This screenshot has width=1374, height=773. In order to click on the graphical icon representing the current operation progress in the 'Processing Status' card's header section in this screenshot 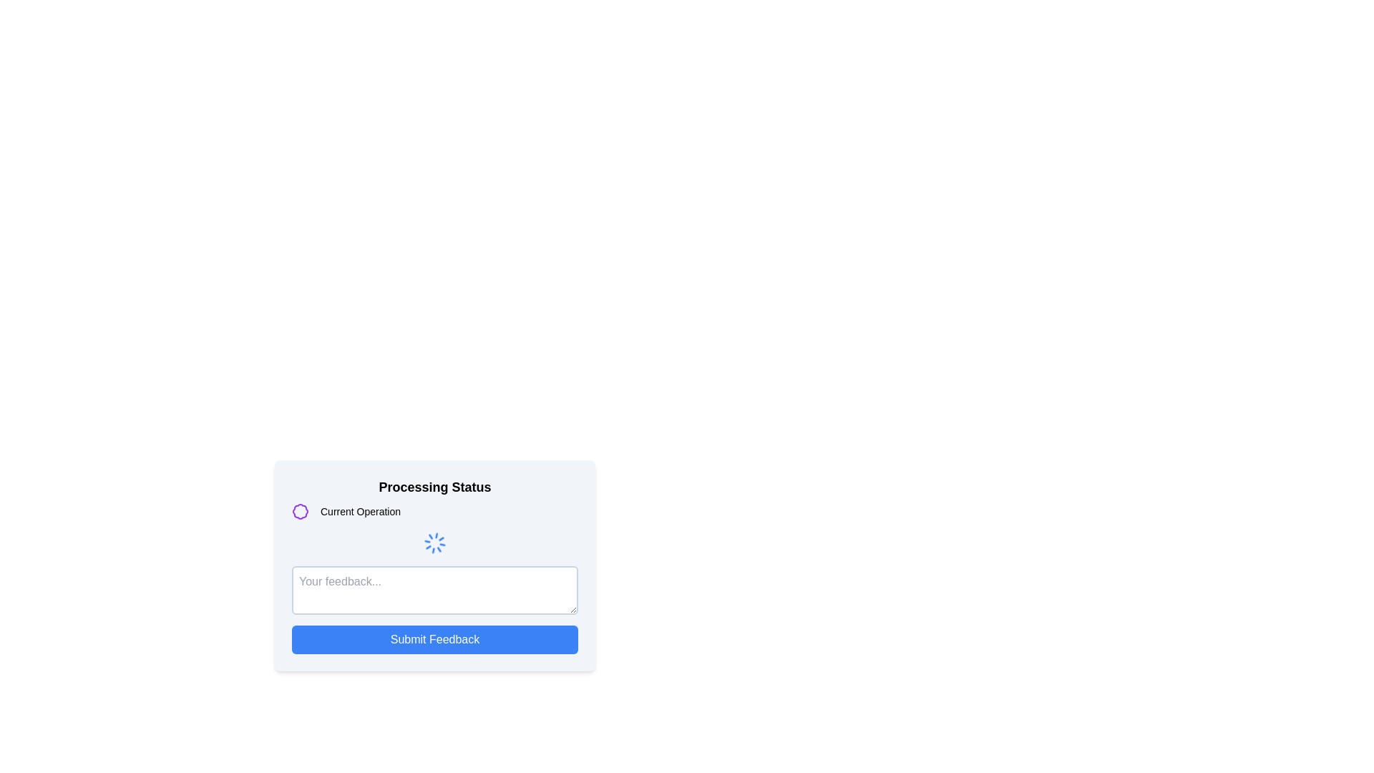, I will do `click(299, 510)`.